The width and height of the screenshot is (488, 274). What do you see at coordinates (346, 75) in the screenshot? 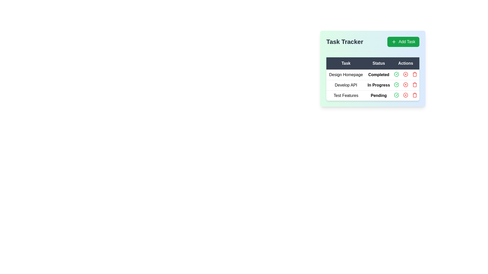
I see `the 'Design Homepage' text label located in the first row under the 'Task' column of the table` at bounding box center [346, 75].